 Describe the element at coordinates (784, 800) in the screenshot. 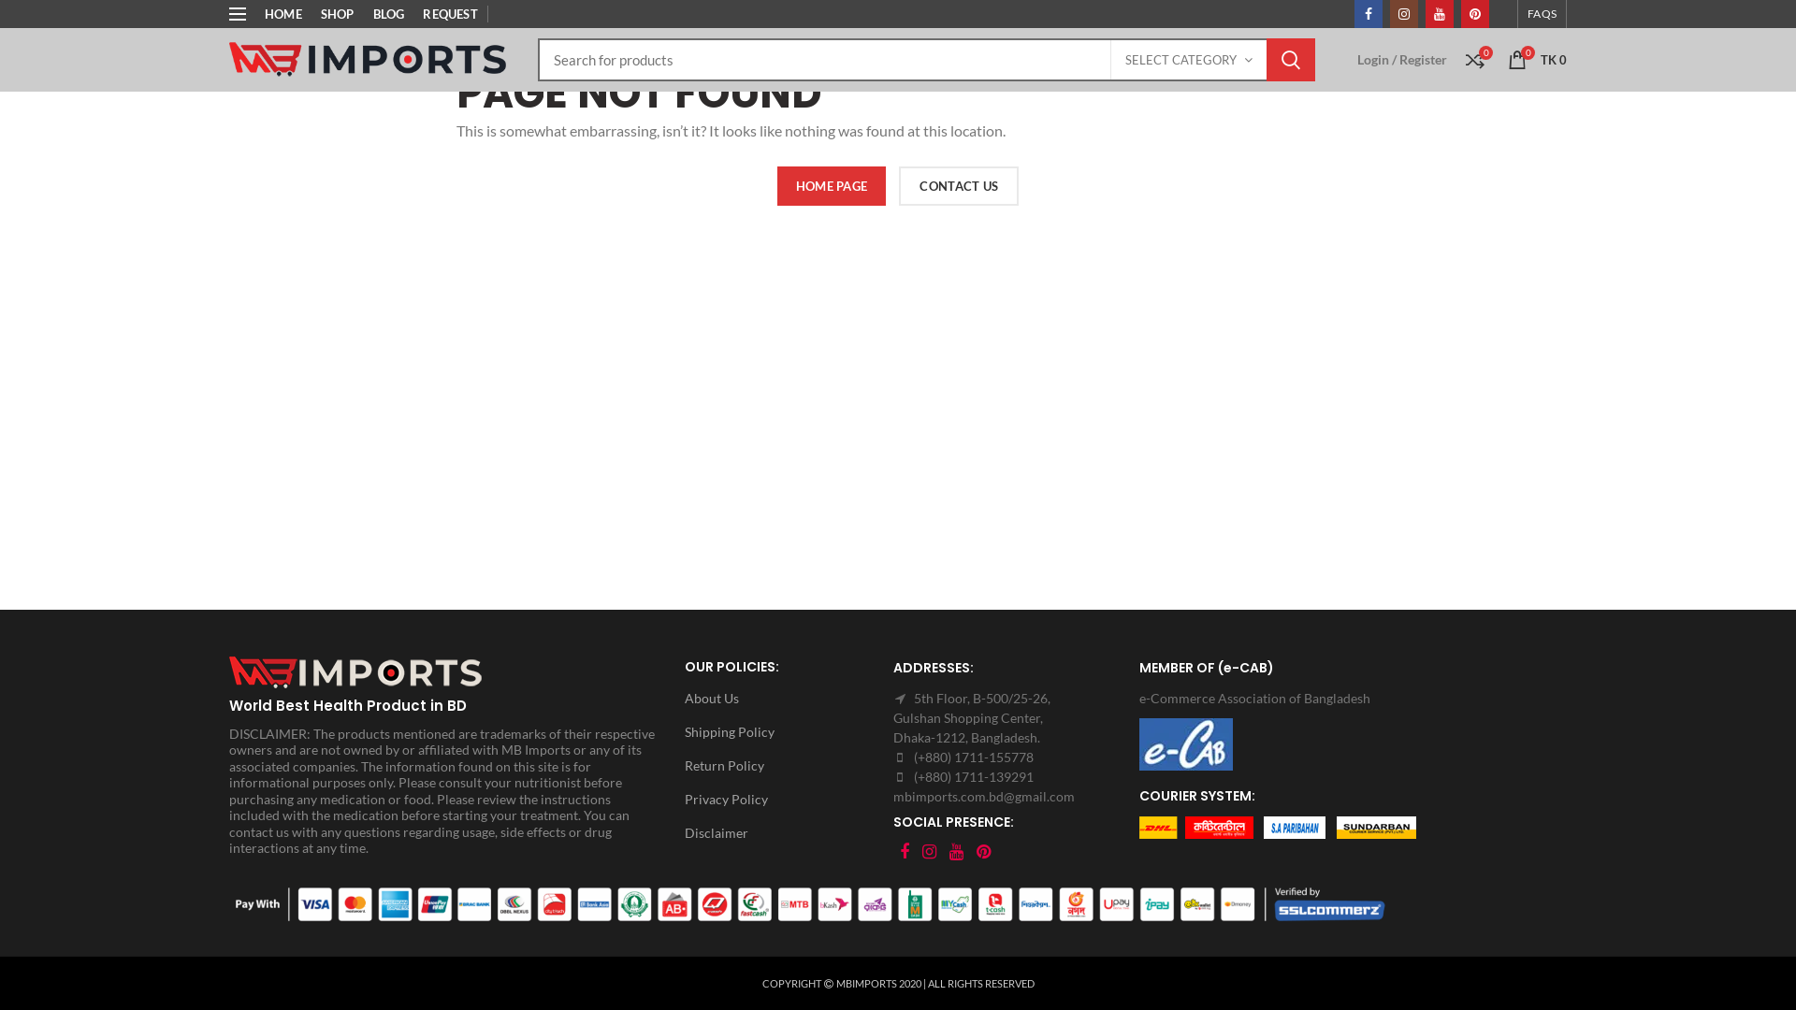

I see `'Privacy Policy'` at that location.